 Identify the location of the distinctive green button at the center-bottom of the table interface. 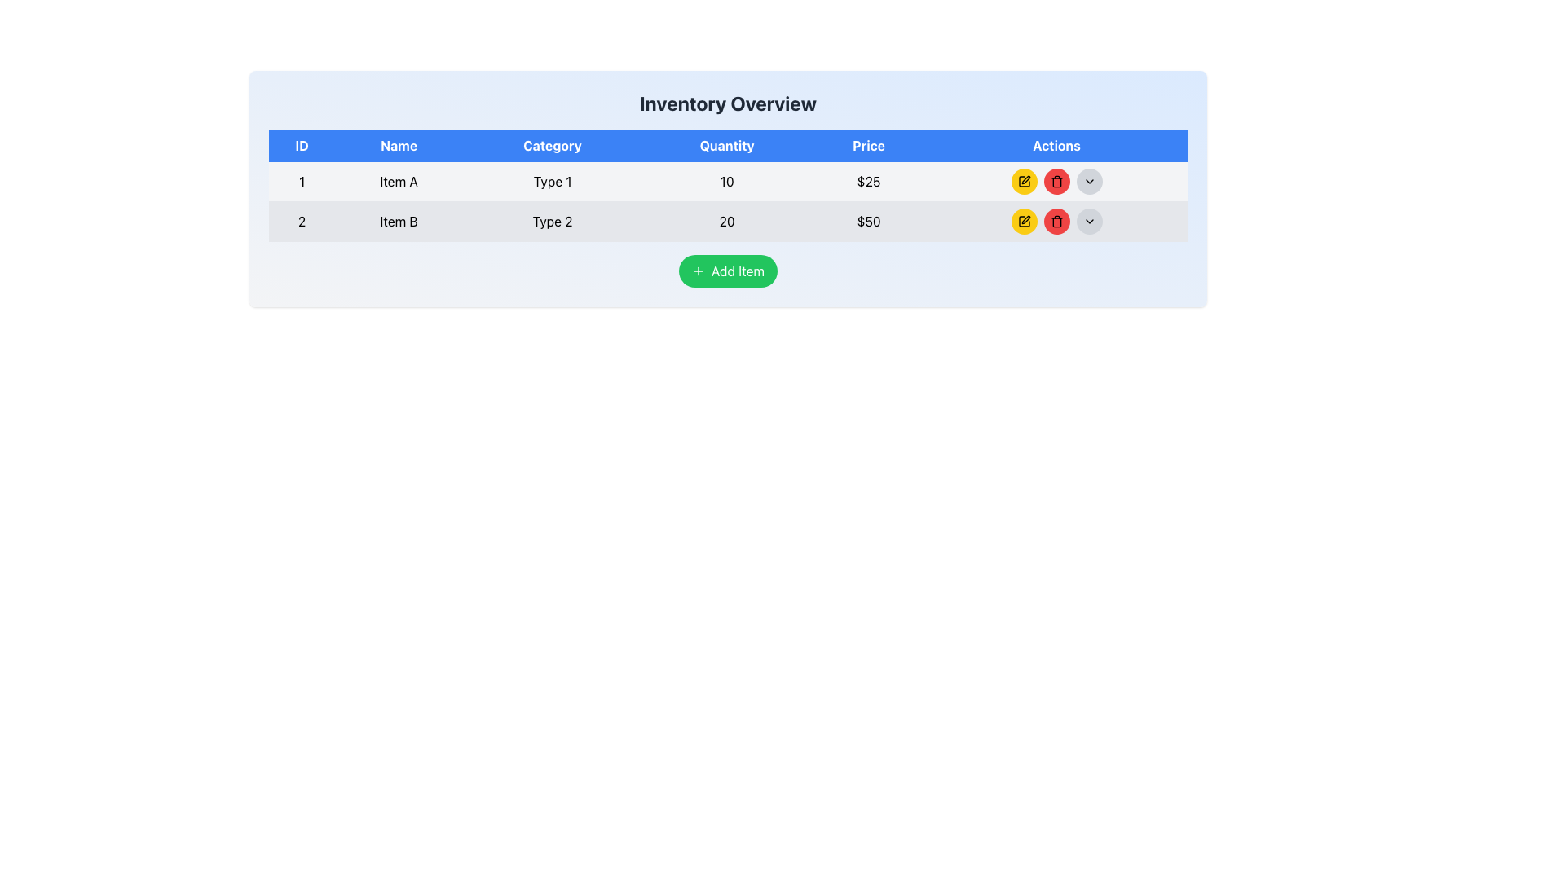
(727, 270).